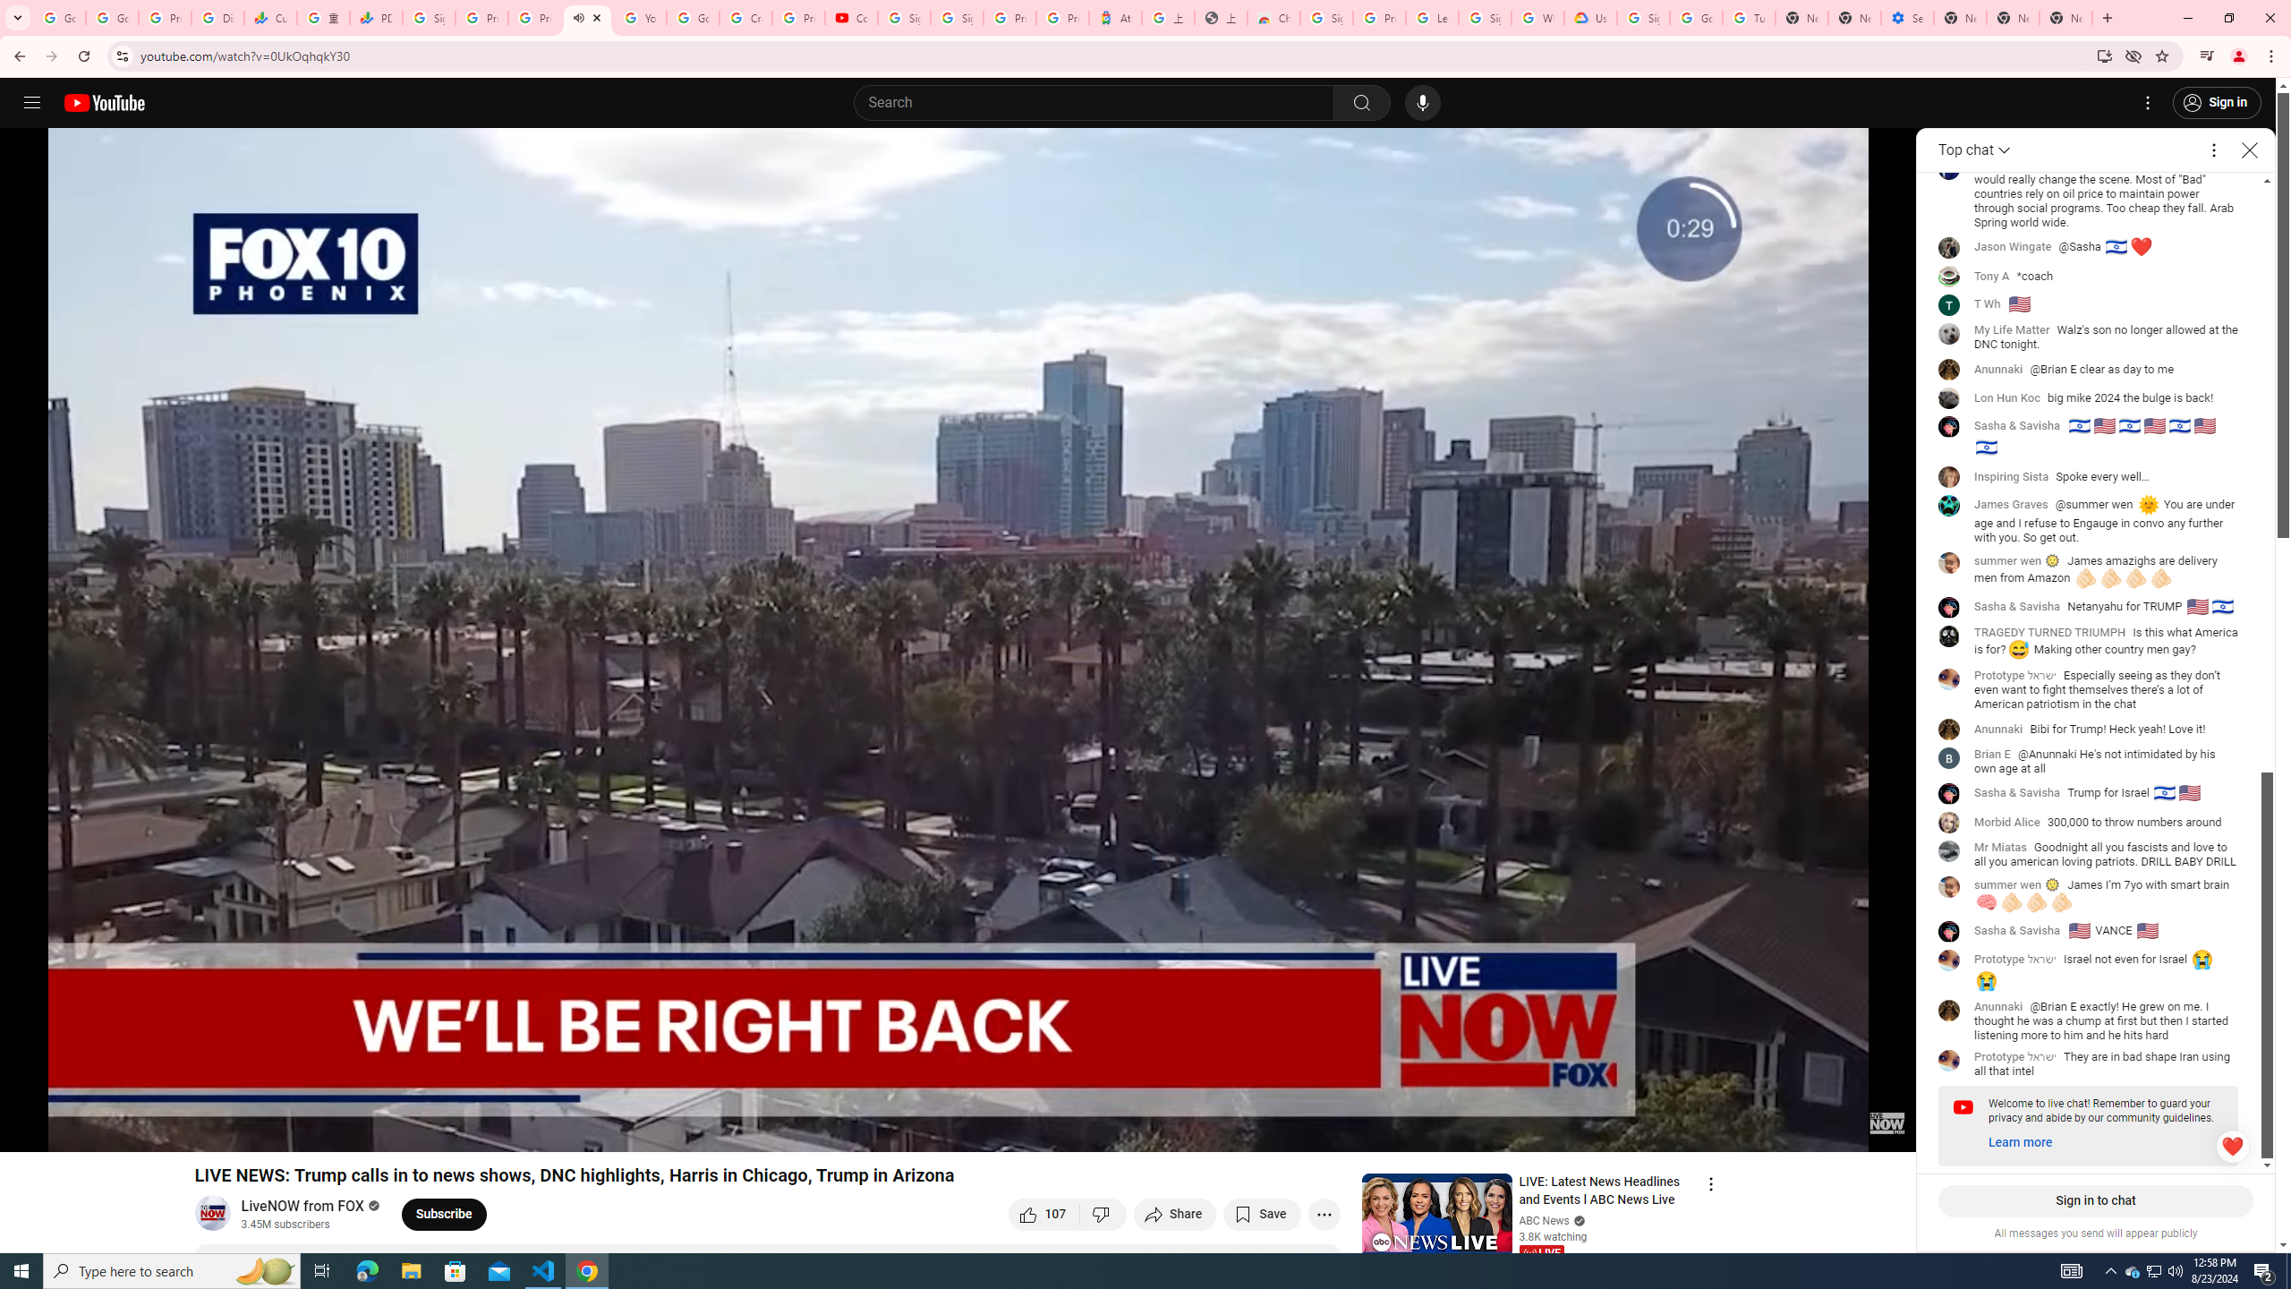 This screenshot has height=1289, width=2291. I want to click on 'PDD Holdings Inc - ADR (PDD) Price & News - Google Finance', so click(375, 17).